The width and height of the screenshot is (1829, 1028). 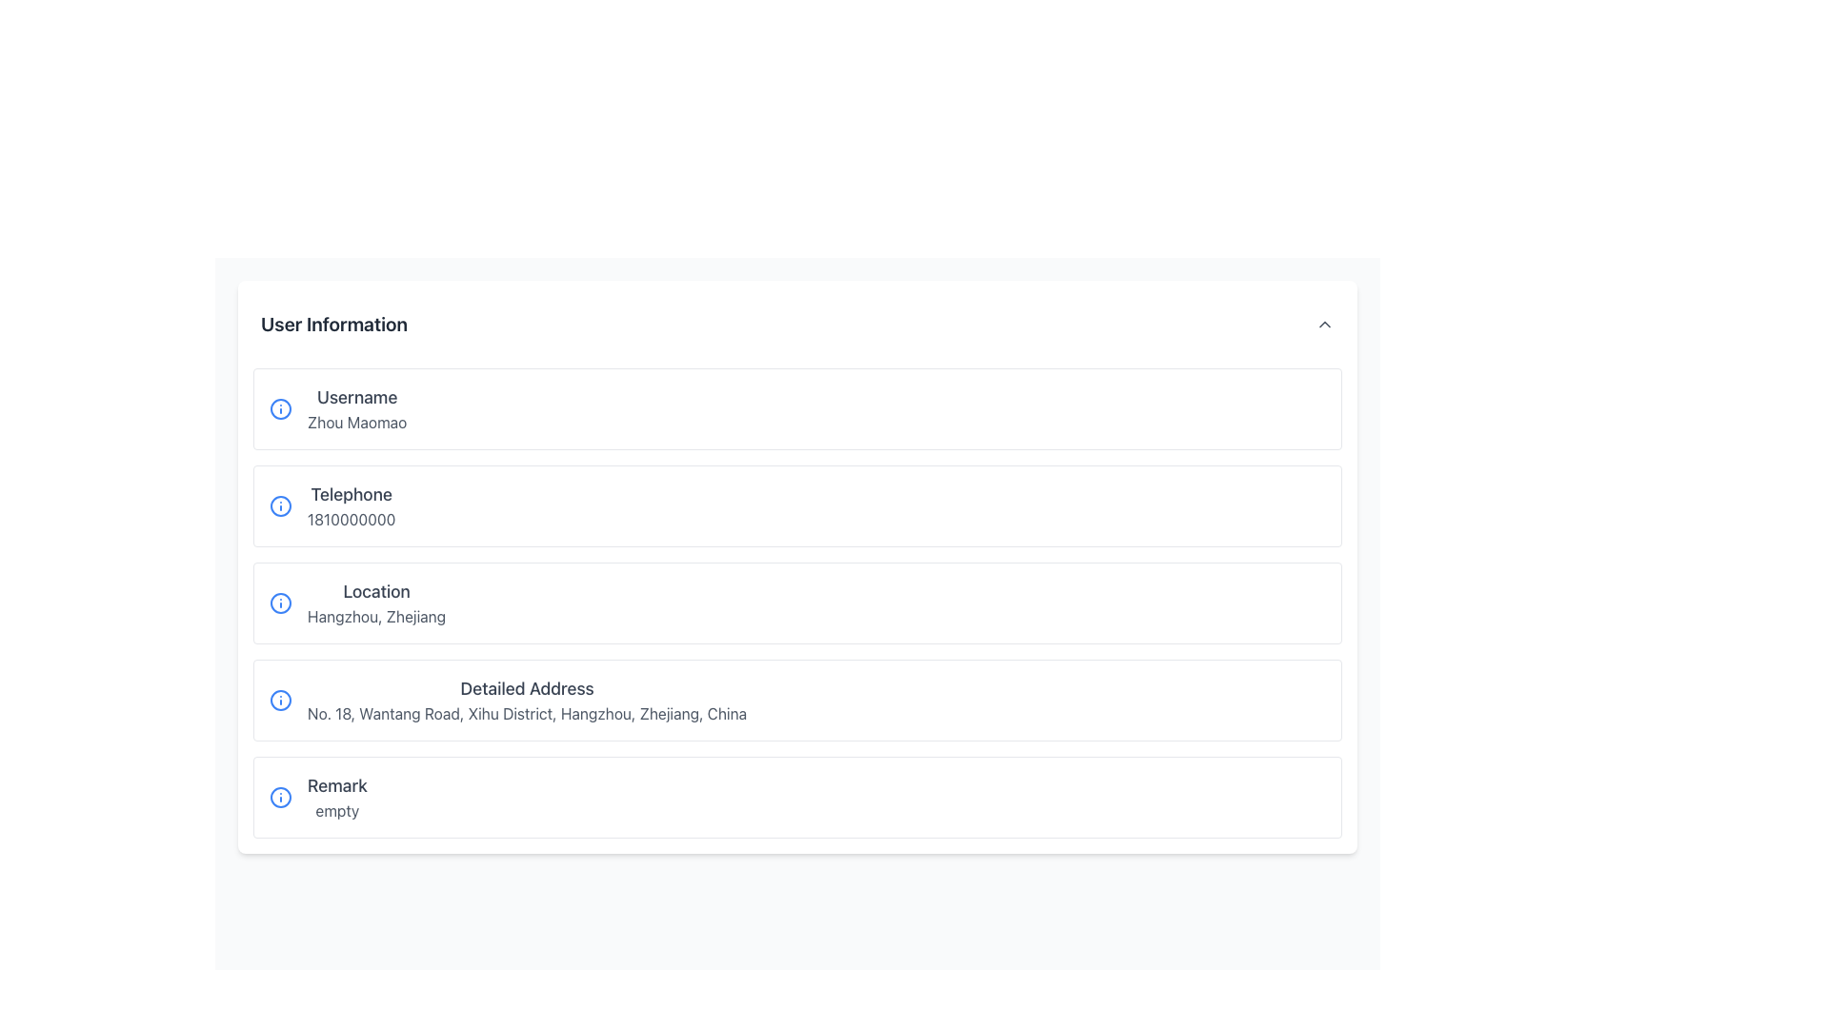 What do you see at coordinates (357, 396) in the screenshot?
I see `the text label that identifies the username in the 'User Information' section, which is located above the text 'Zhou Maomao'` at bounding box center [357, 396].